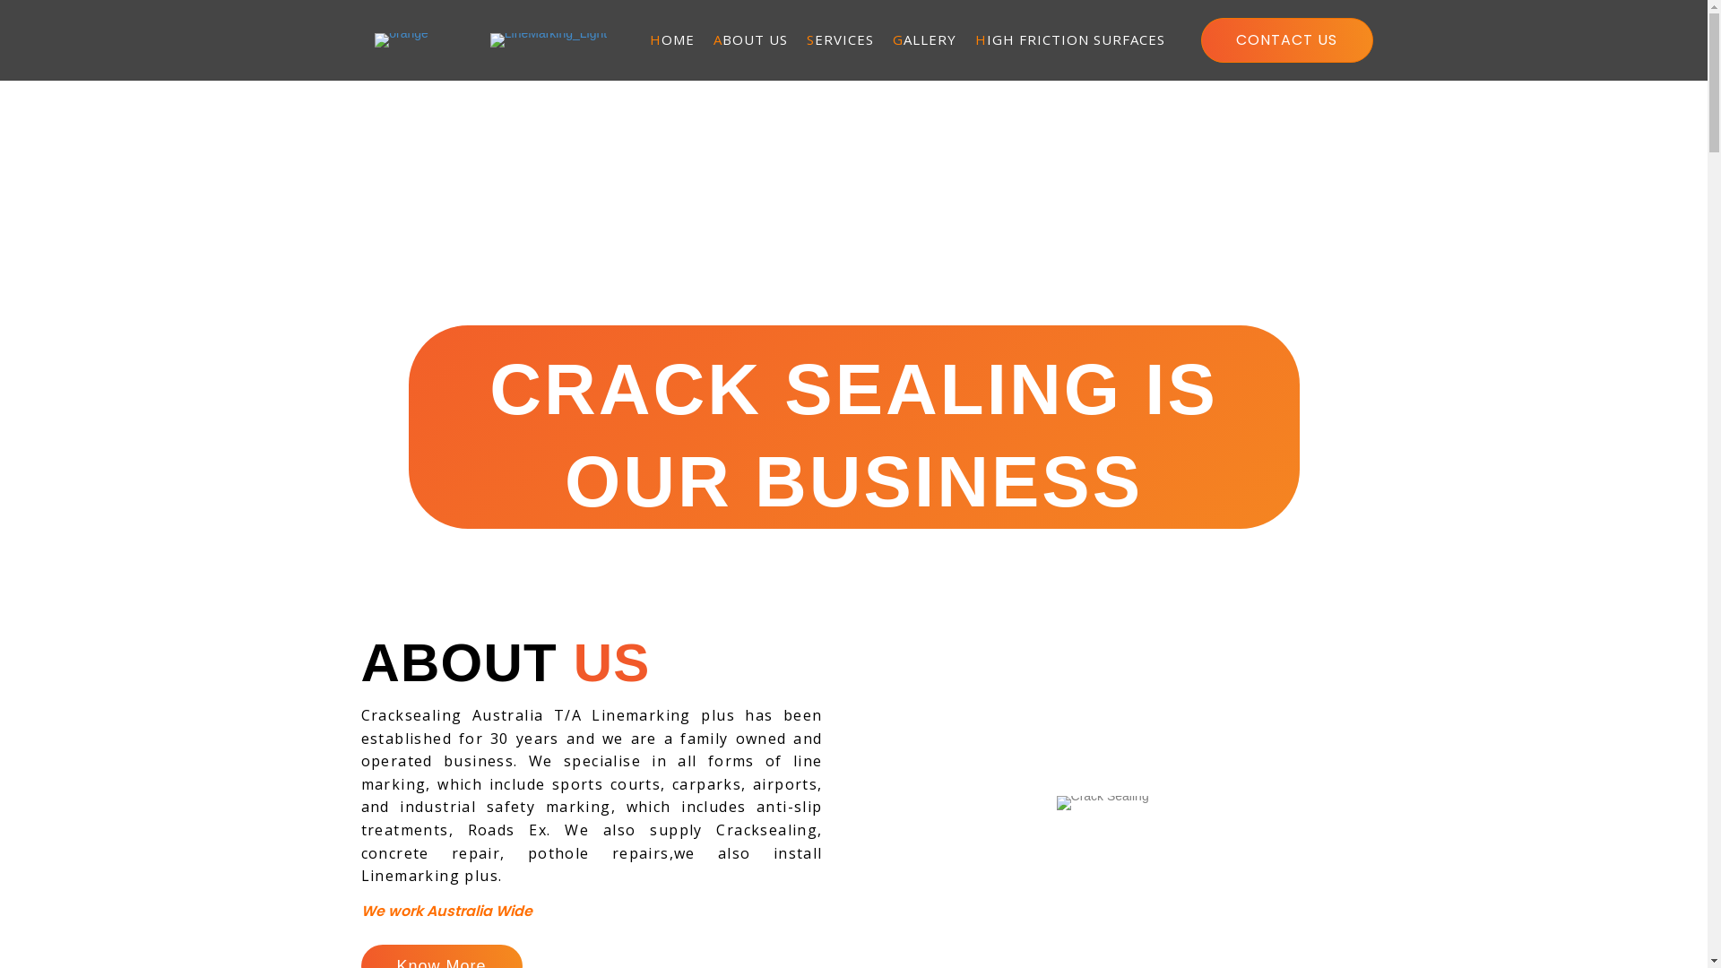 This screenshot has width=1721, height=968. Describe the element at coordinates (965, 40) in the screenshot. I see `'HIGH FRICTION SURFACES'` at that location.